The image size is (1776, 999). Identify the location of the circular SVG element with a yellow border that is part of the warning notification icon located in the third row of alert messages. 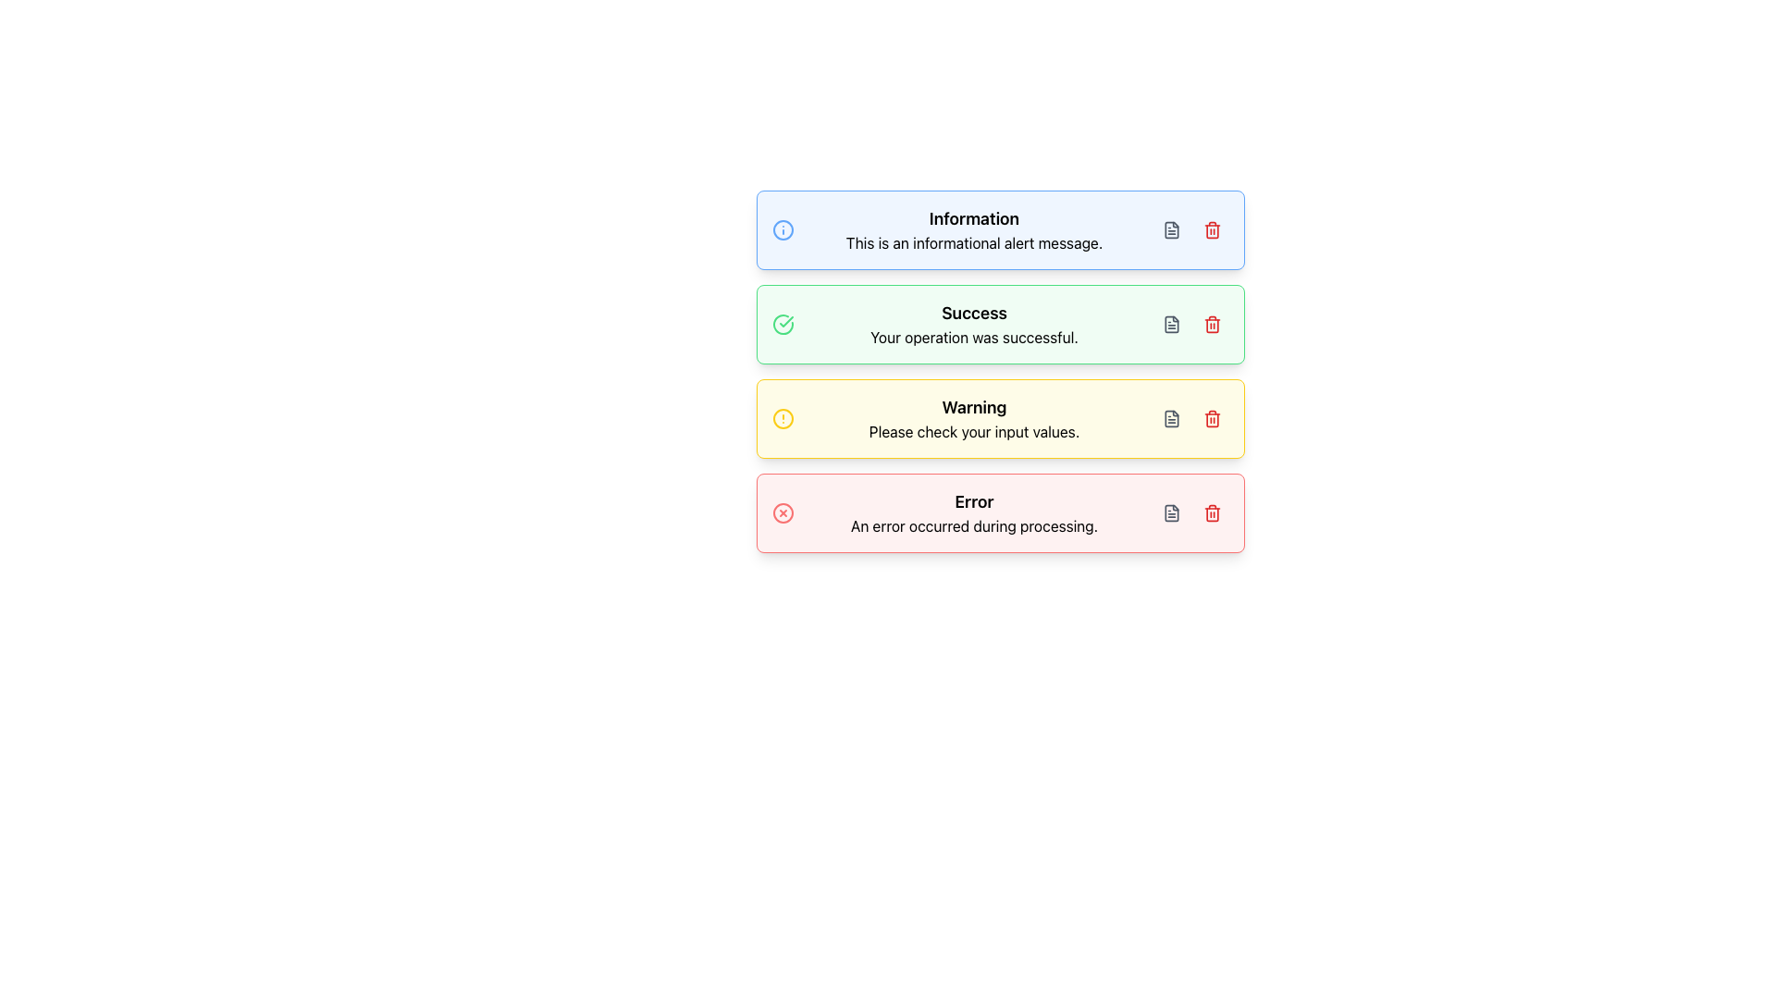
(783, 418).